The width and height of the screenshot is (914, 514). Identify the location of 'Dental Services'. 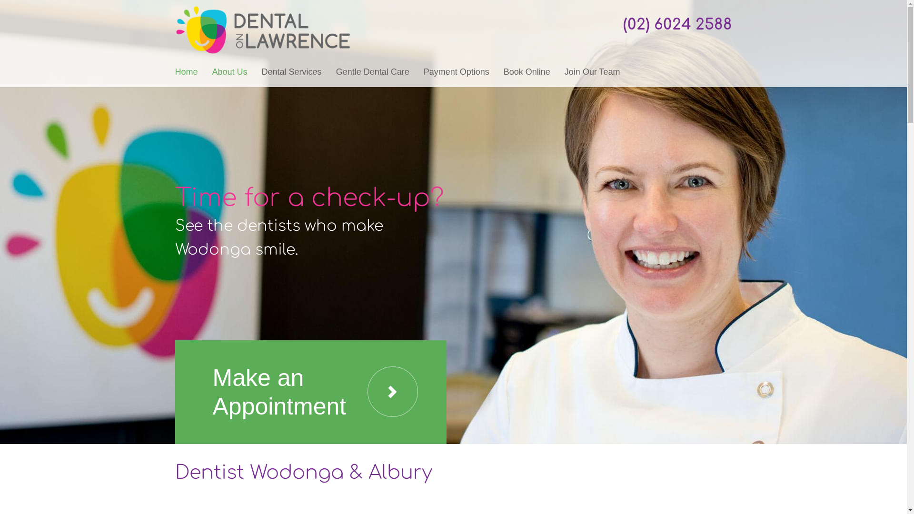
(291, 71).